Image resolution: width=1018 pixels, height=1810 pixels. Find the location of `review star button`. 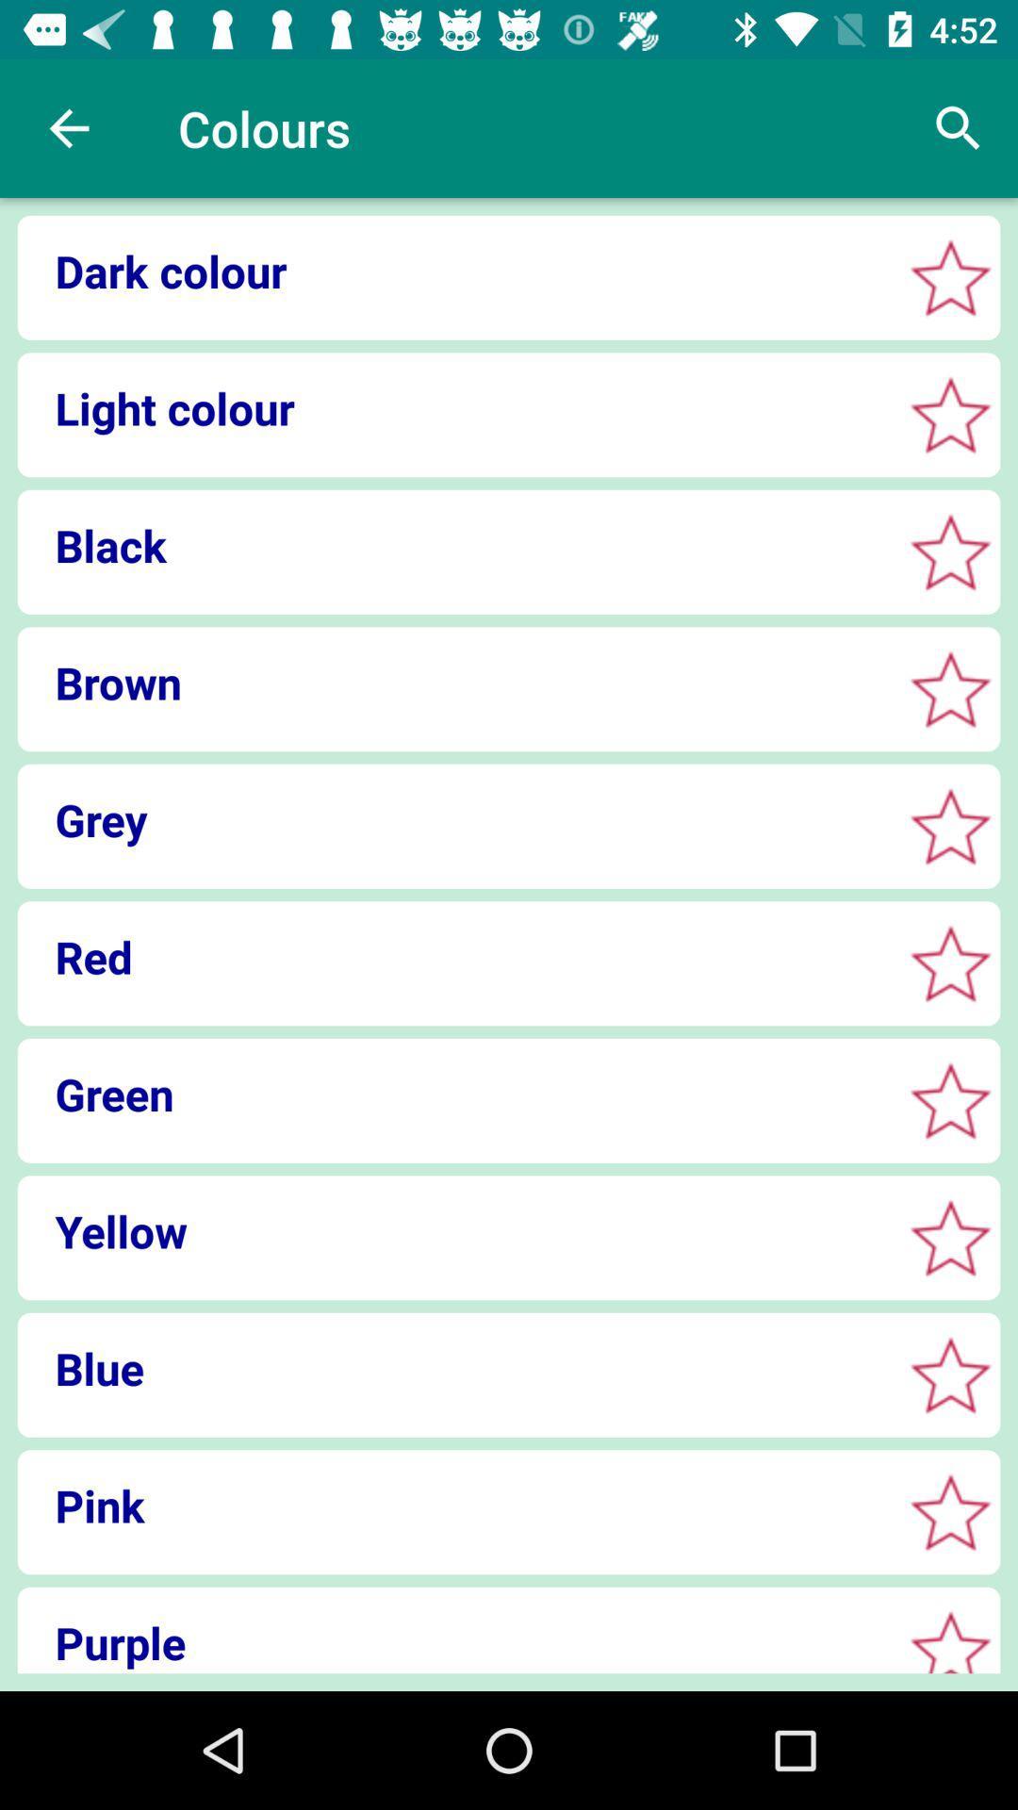

review star button is located at coordinates (950, 963).